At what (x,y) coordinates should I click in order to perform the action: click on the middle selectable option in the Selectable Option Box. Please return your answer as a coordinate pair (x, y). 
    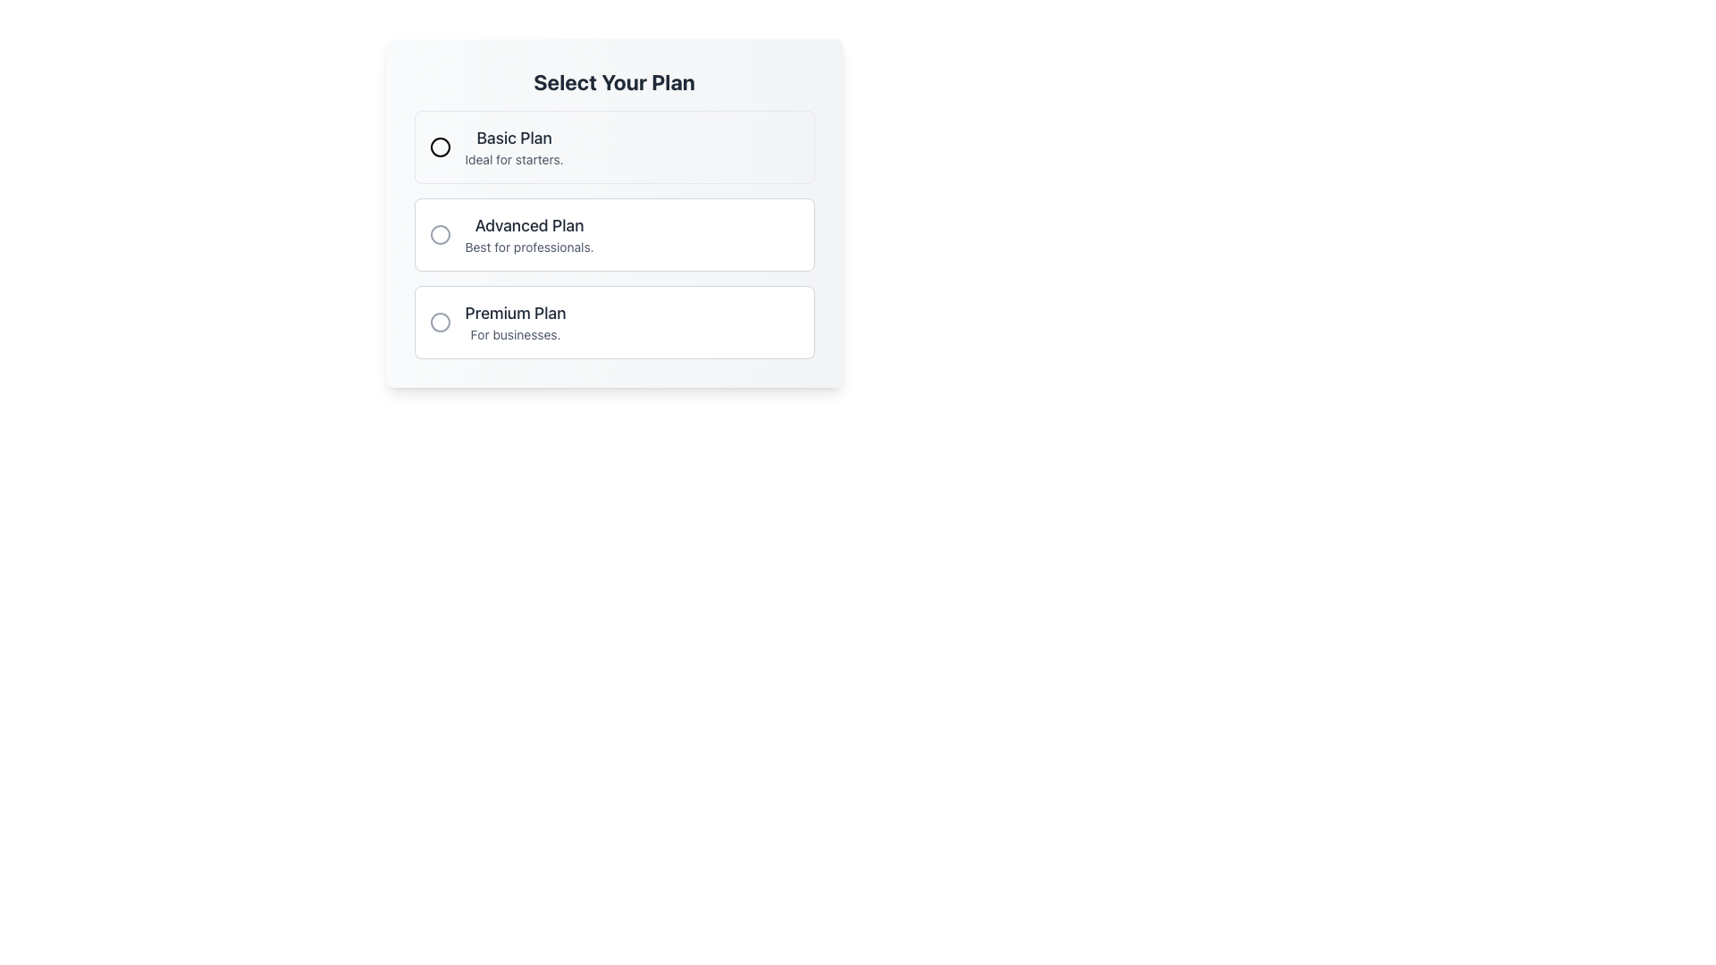
    Looking at the image, I should click on (614, 213).